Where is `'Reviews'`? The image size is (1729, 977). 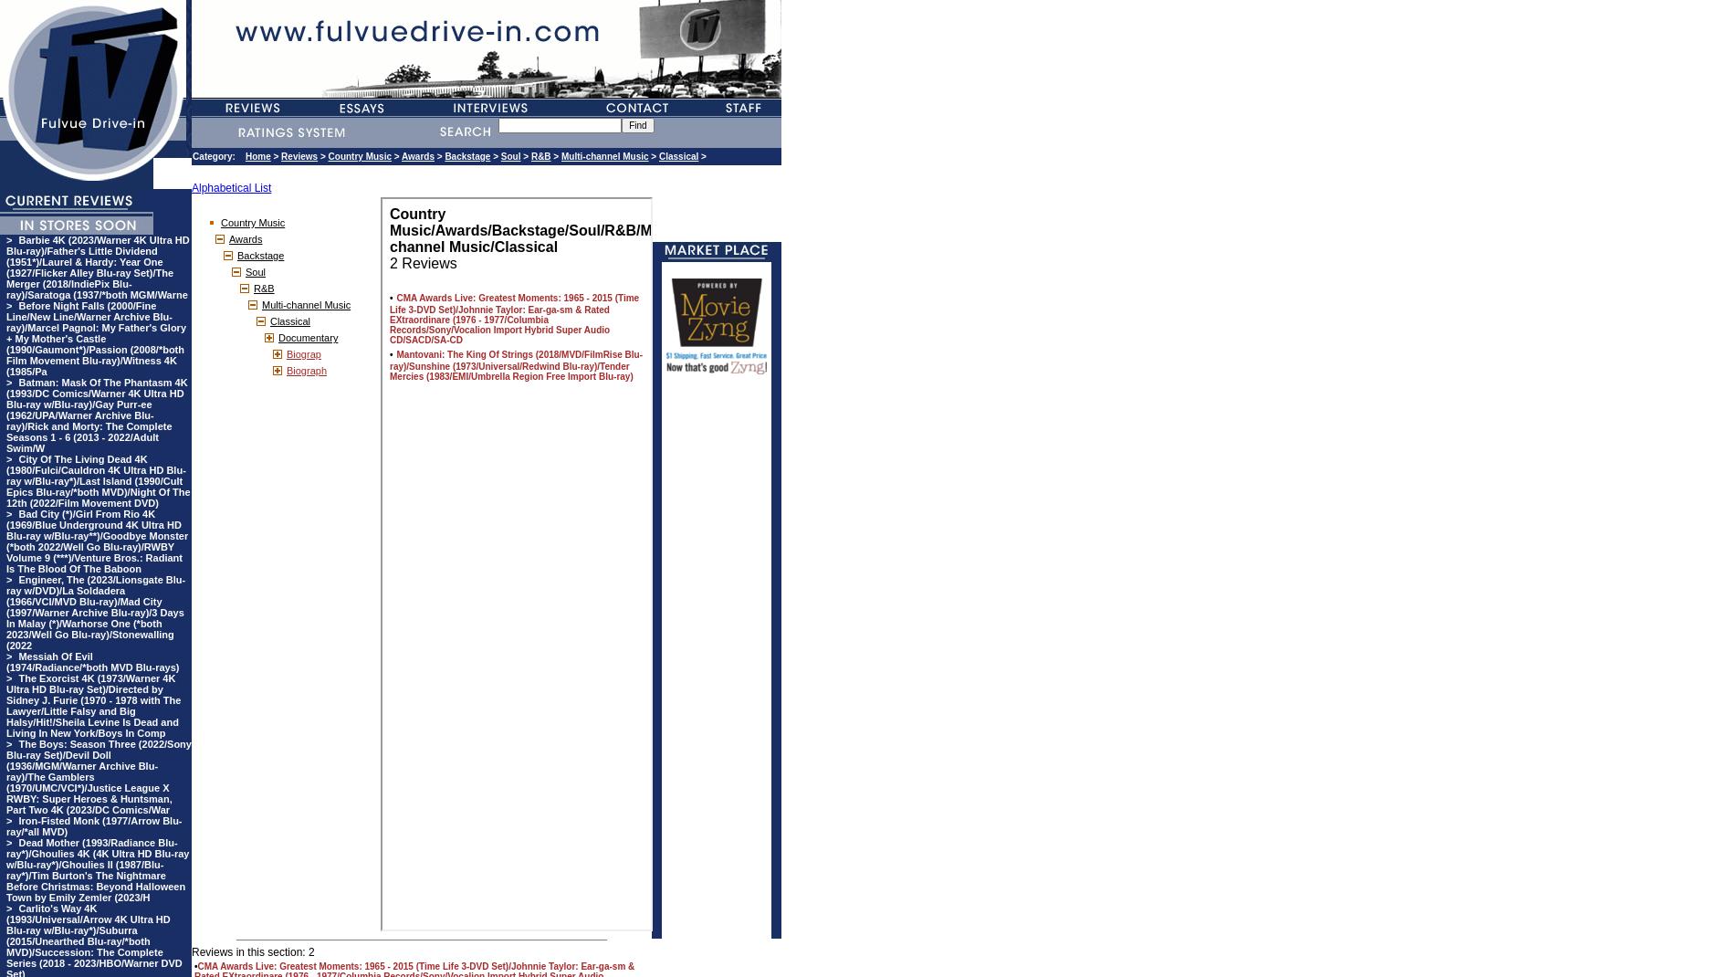
'Reviews' is located at coordinates (299, 156).